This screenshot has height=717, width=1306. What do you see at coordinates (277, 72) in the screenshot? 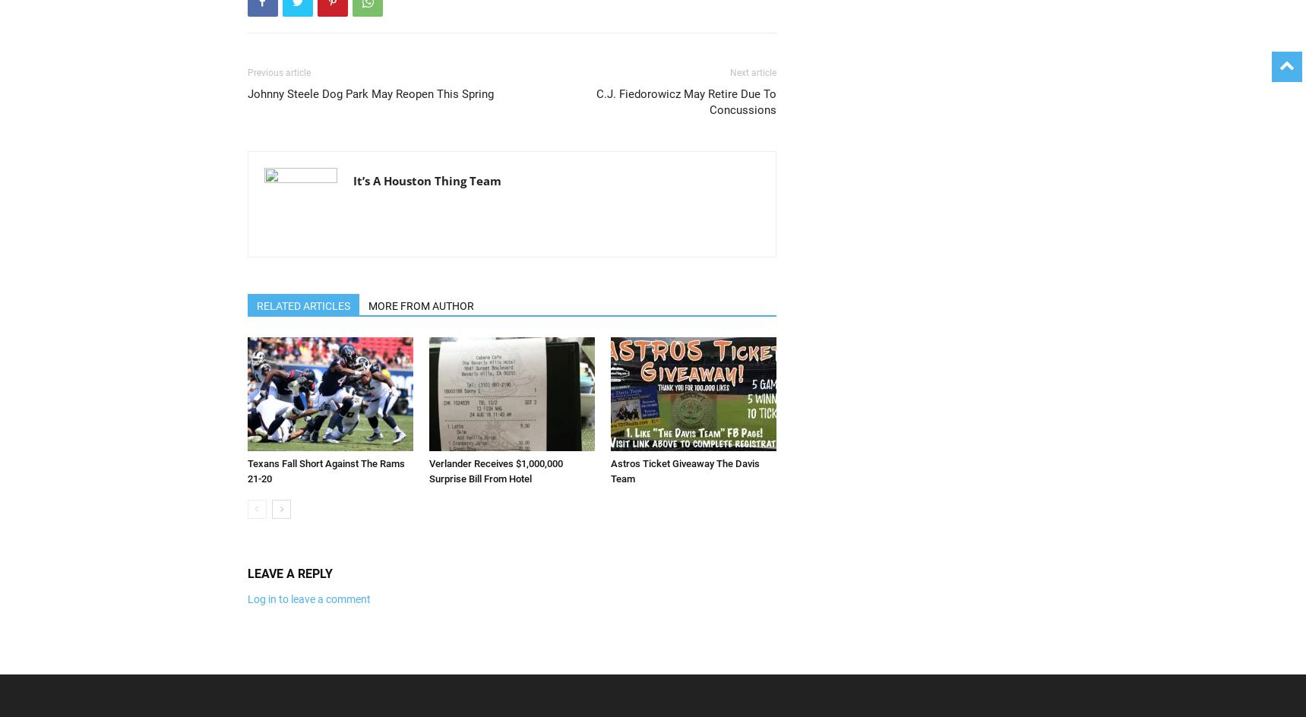
I see `'Previous article'` at bounding box center [277, 72].